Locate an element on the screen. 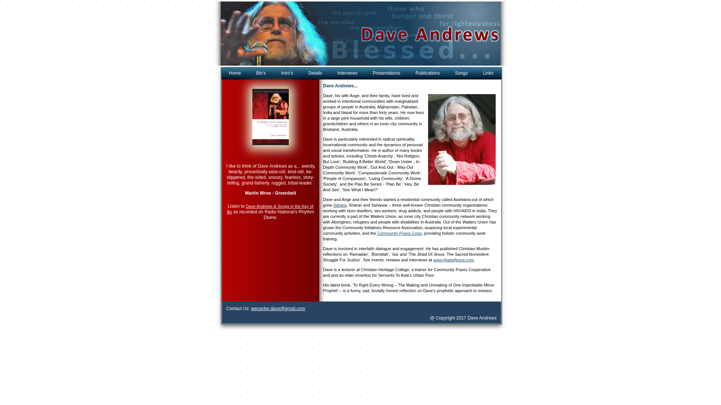 This screenshot has height=405, width=721. 'Links' is located at coordinates (488, 73).